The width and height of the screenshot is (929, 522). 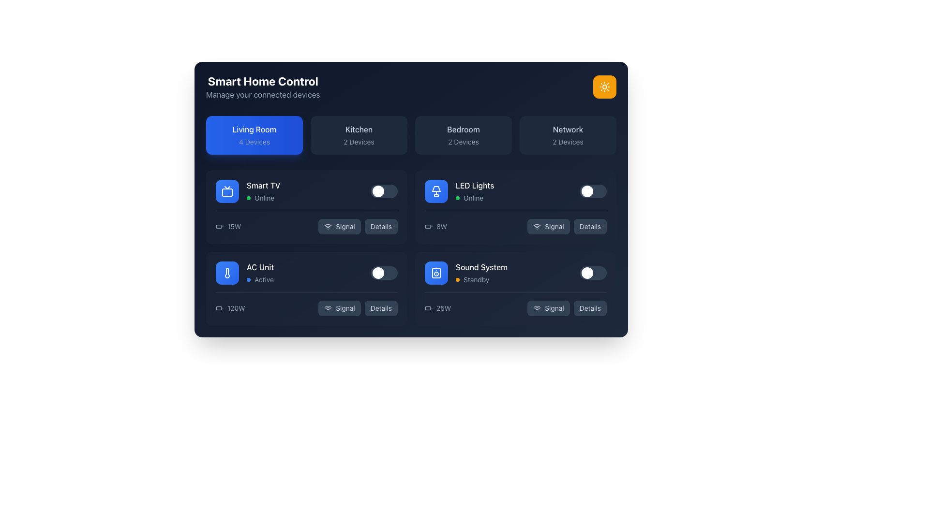 What do you see at coordinates (537, 308) in the screenshot?
I see `the 'Signal' button which contains the wireless signal strength icon` at bounding box center [537, 308].